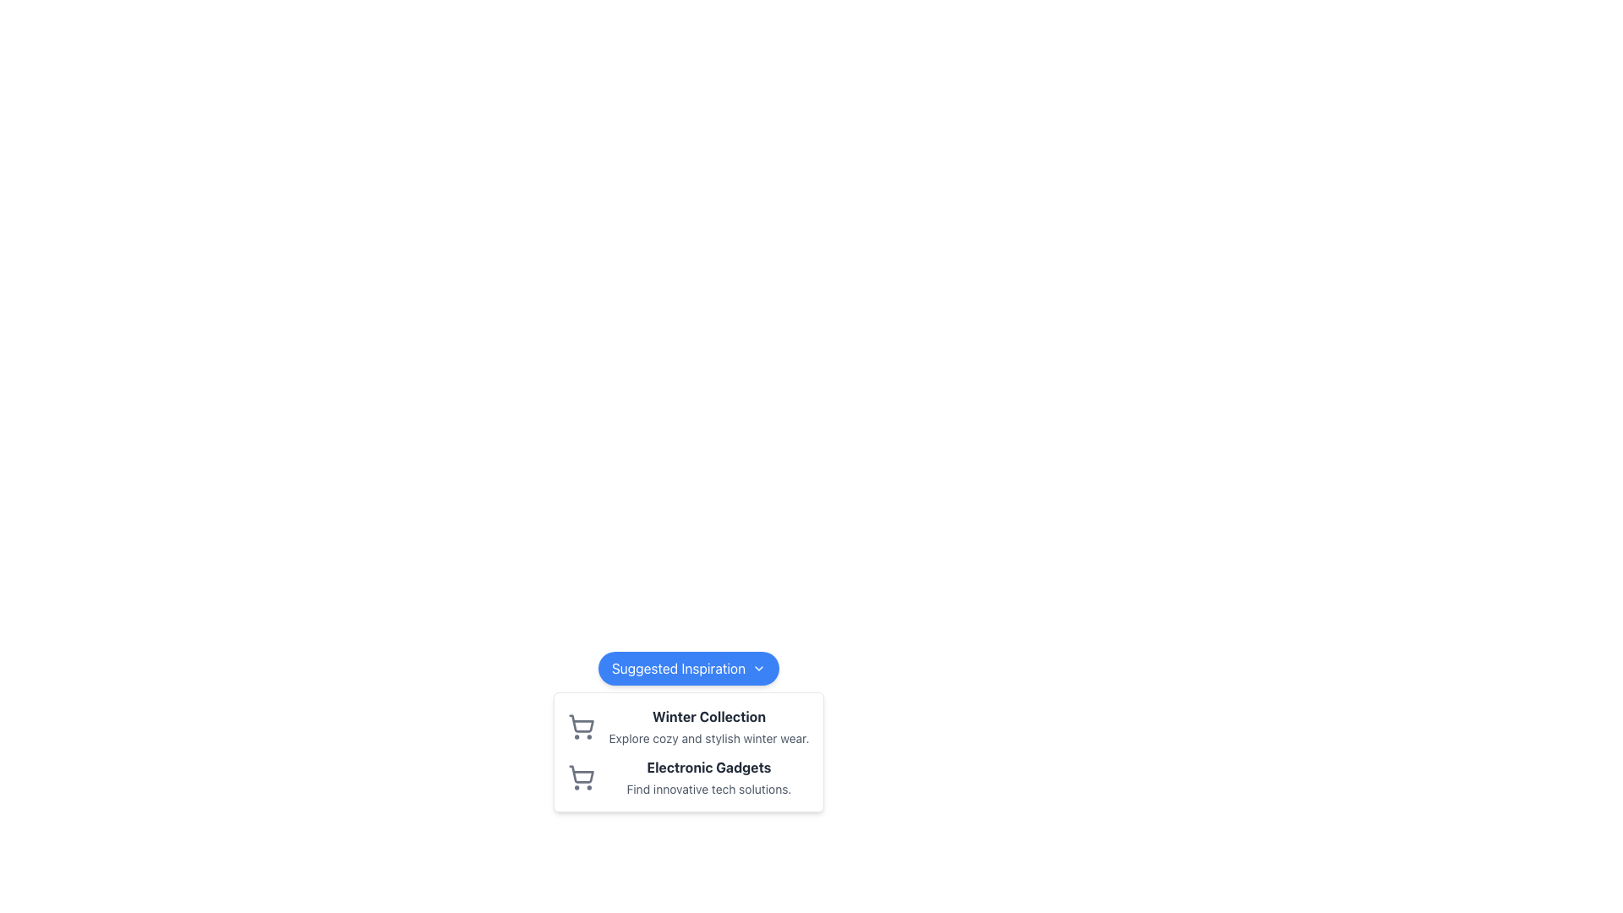 The image size is (1623, 913). What do you see at coordinates (758, 667) in the screenshot?
I see `the downward chevron icon located to the right of the 'Suggested Inspiration' text` at bounding box center [758, 667].